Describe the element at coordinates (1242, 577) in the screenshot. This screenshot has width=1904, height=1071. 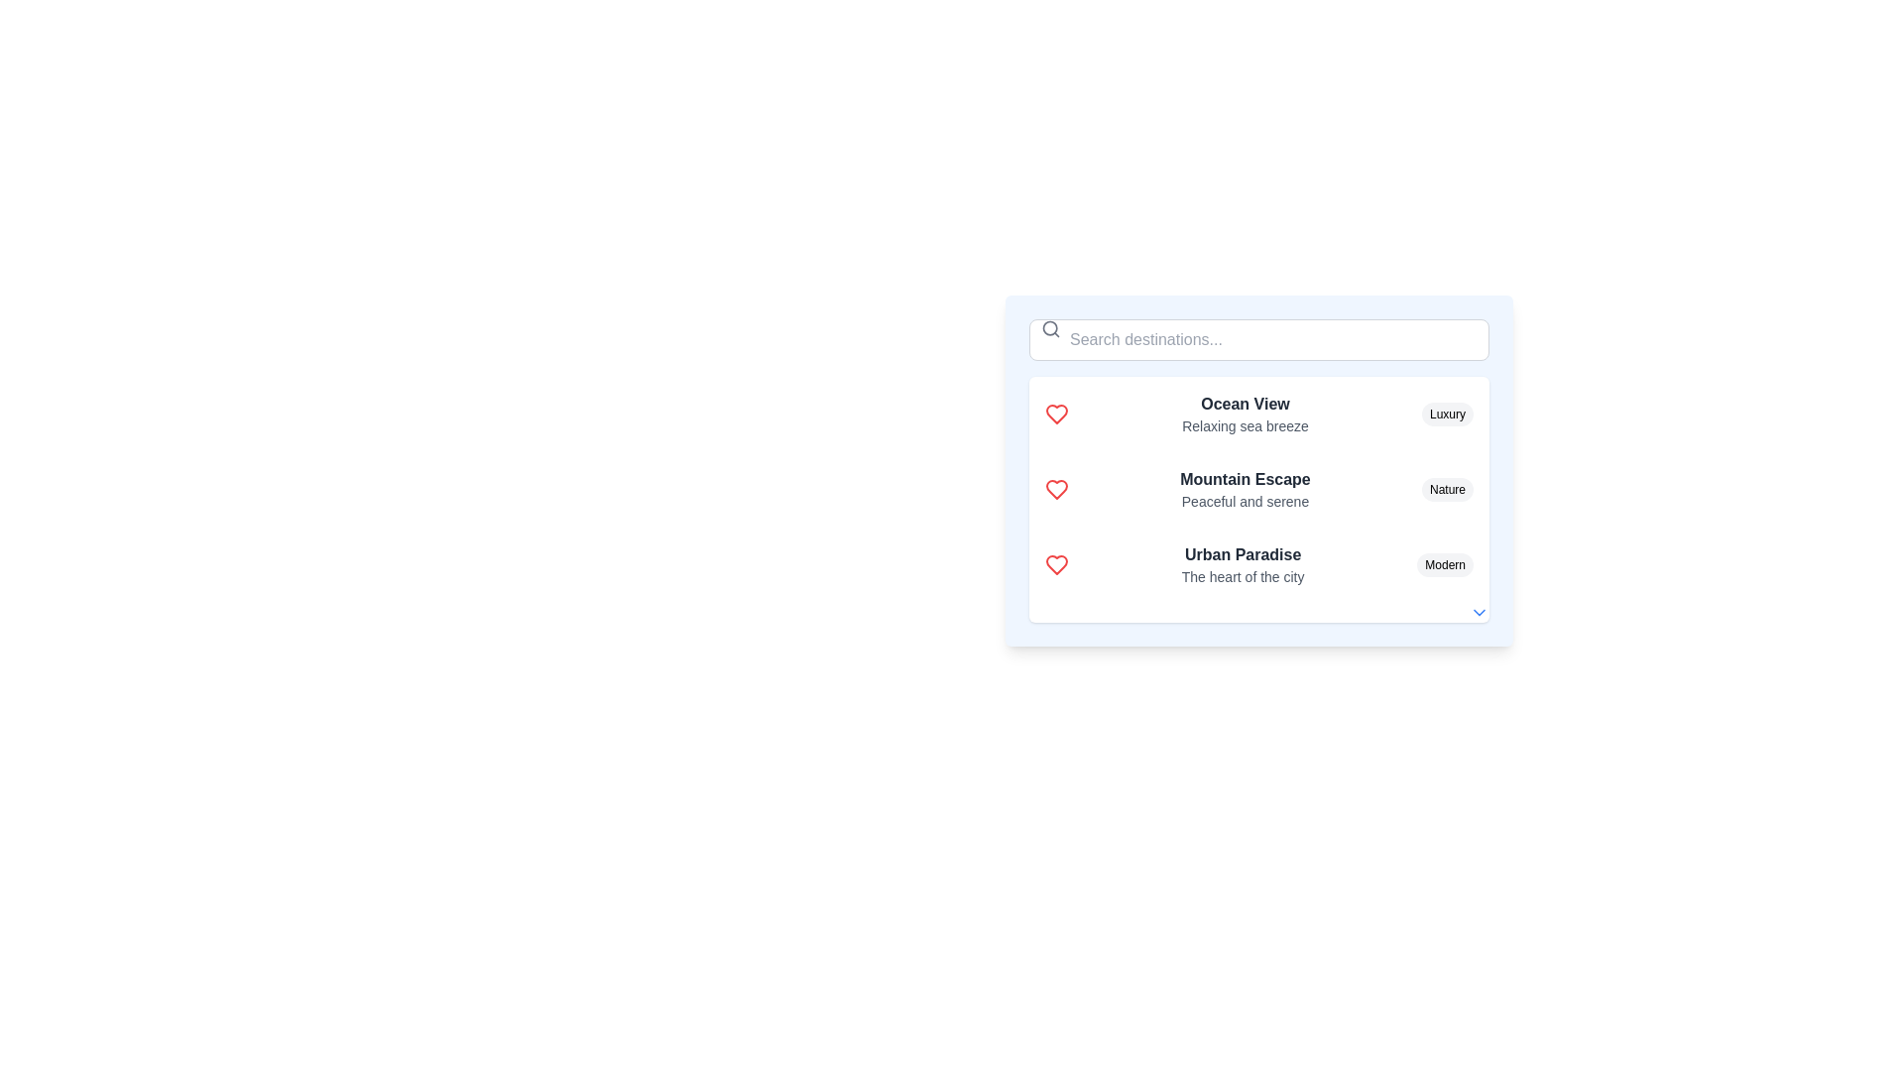
I see `the text display element that reads 'The heart of the city', which is styled in a smaller font size with gray color and positioned directly beneath 'Urban Paradise'` at that location.